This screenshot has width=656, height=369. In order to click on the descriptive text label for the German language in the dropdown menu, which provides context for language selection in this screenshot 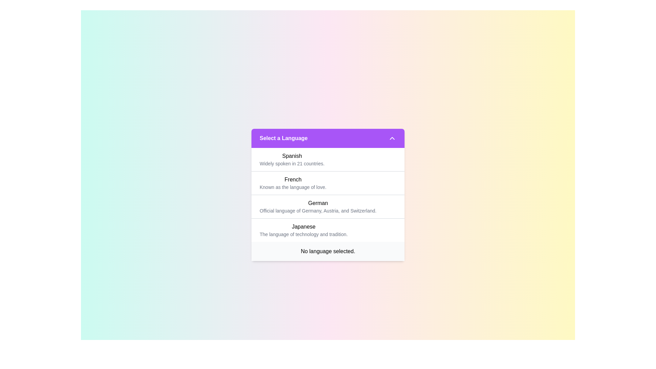, I will do `click(318, 210)`.